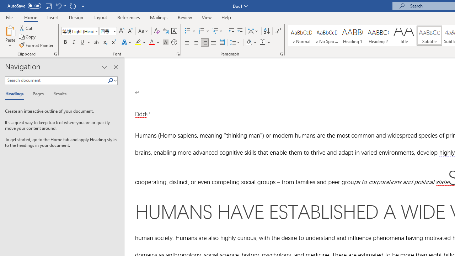  I want to click on 'Heading 2', so click(378, 36).